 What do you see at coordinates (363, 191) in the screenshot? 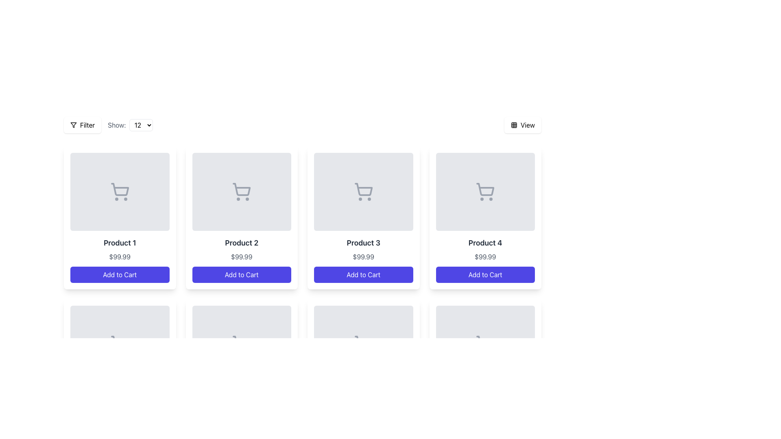
I see `the shopping cart icon located in the upper half of the product card labeled 'Product 3', which is styled with a simple outlined design in gray color` at bounding box center [363, 191].